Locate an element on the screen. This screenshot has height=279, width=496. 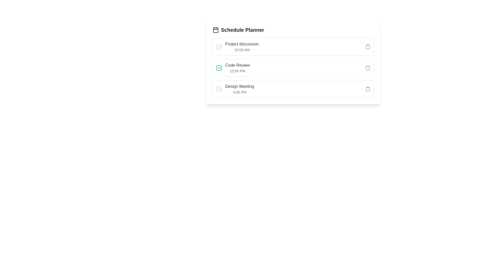
the task name Code Review to inspect its details is located at coordinates (237, 65).